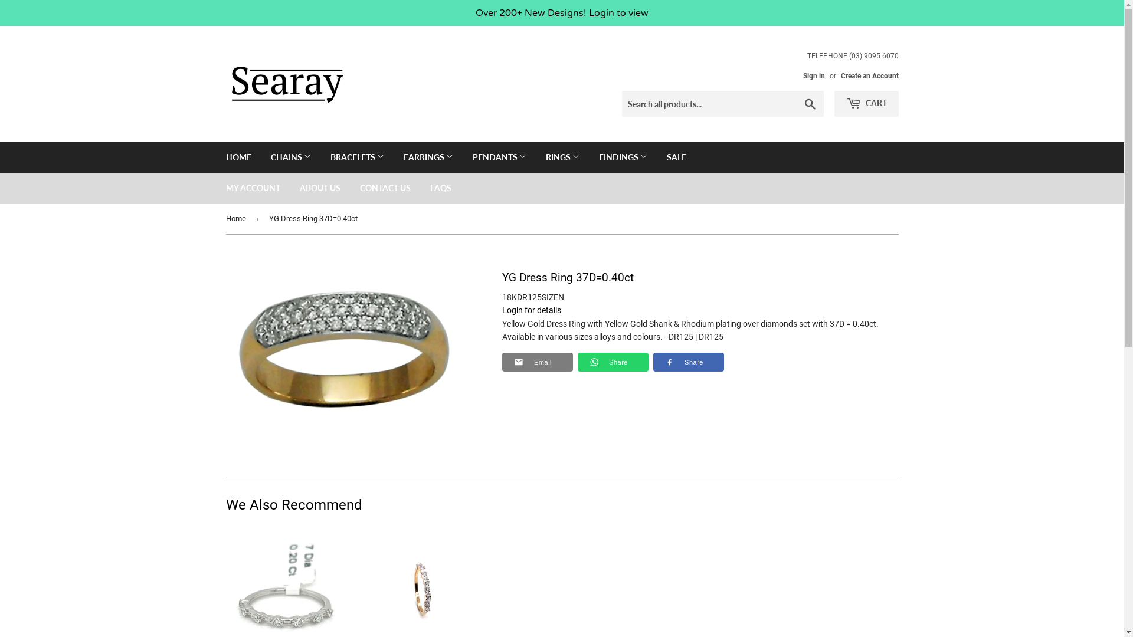  What do you see at coordinates (291, 156) in the screenshot?
I see `'CHAINS'` at bounding box center [291, 156].